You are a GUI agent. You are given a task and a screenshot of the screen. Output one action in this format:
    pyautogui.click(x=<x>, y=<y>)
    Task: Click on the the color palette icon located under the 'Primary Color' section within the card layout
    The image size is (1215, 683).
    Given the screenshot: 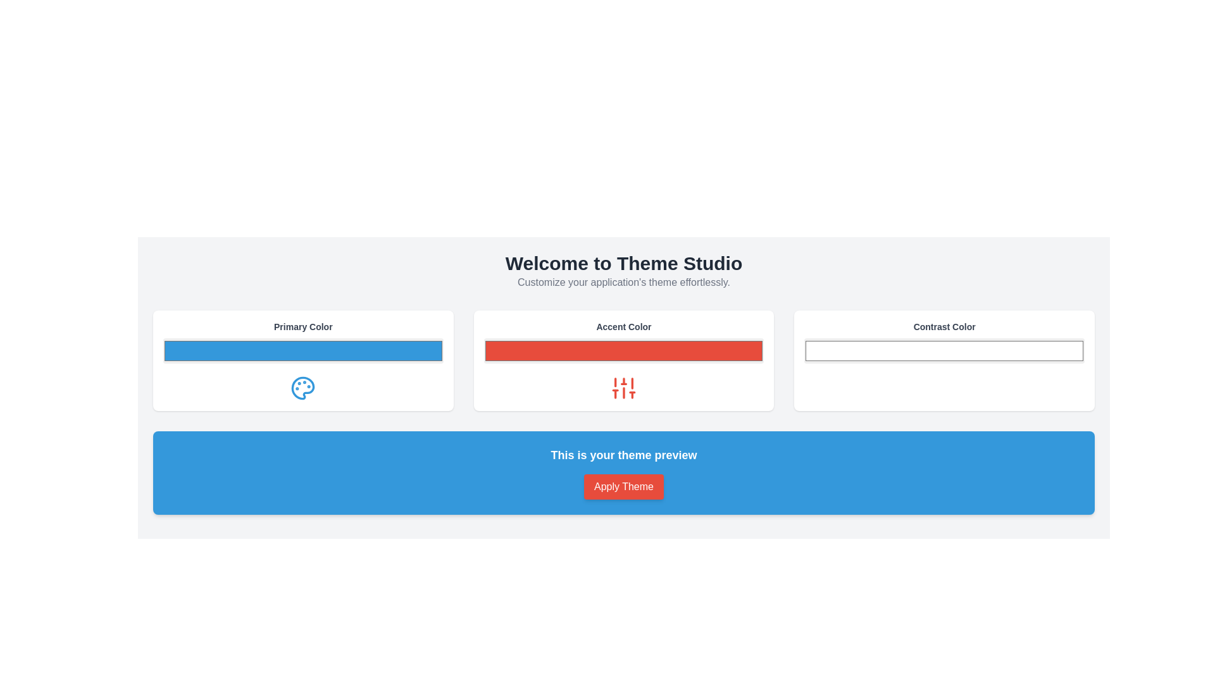 What is the action you would take?
    pyautogui.click(x=302, y=387)
    